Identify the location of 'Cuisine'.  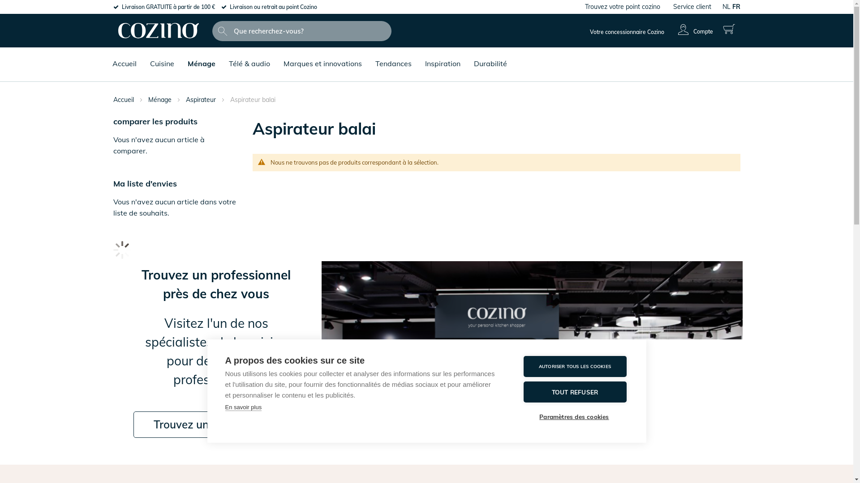
(145, 57).